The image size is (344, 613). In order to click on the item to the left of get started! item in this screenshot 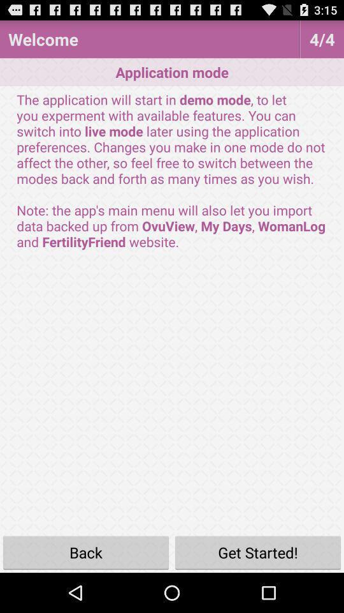, I will do `click(86, 552)`.